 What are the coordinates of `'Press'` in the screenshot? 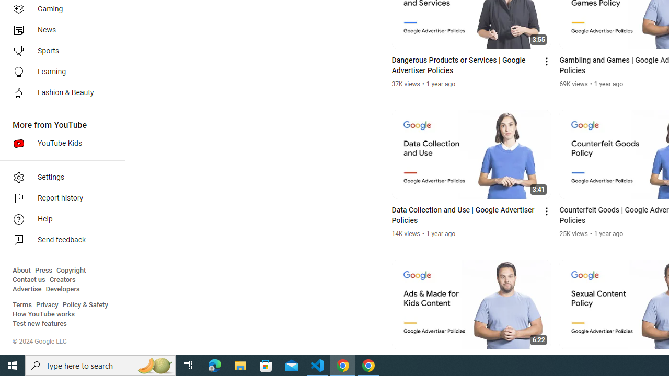 It's located at (43, 270).